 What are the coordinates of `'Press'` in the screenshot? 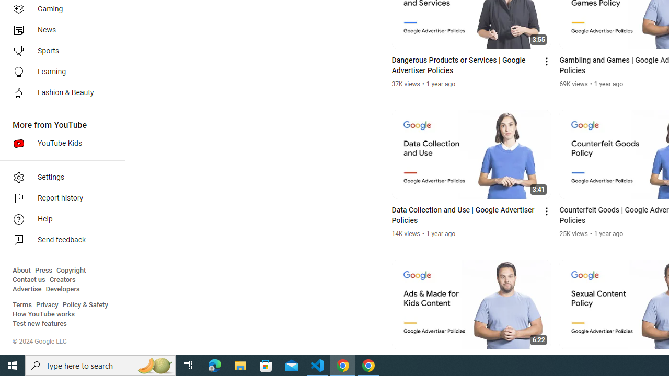 It's located at (43, 270).